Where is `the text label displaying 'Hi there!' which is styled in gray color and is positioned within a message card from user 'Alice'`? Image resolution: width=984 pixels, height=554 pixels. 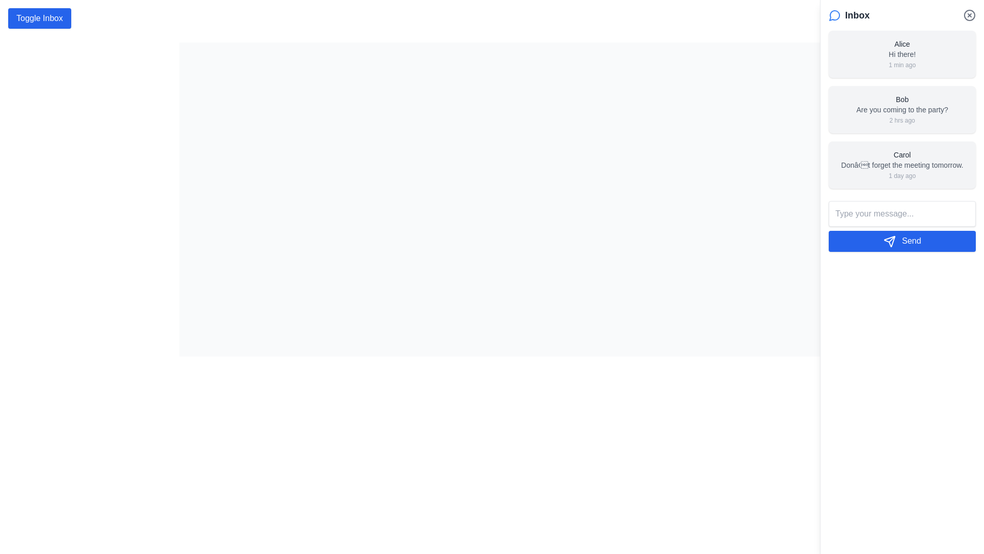
the text label displaying 'Hi there!' which is styled in gray color and is positioned within a message card from user 'Alice' is located at coordinates (902, 54).